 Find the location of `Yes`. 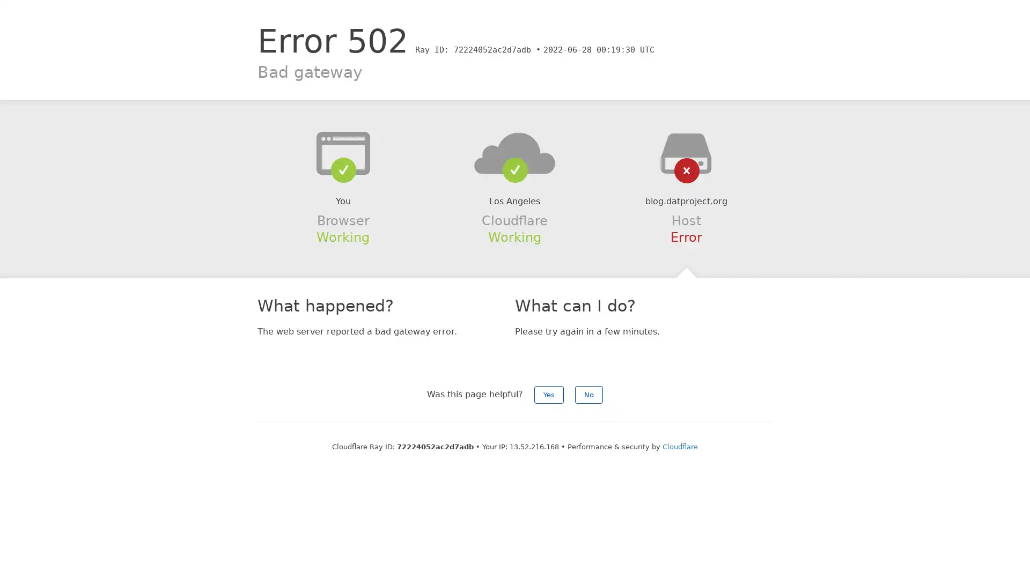

Yes is located at coordinates (549, 395).